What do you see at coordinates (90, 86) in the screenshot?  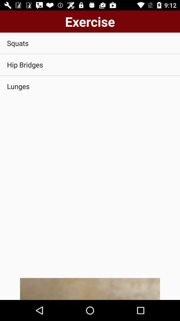 I see `lunges app` at bounding box center [90, 86].